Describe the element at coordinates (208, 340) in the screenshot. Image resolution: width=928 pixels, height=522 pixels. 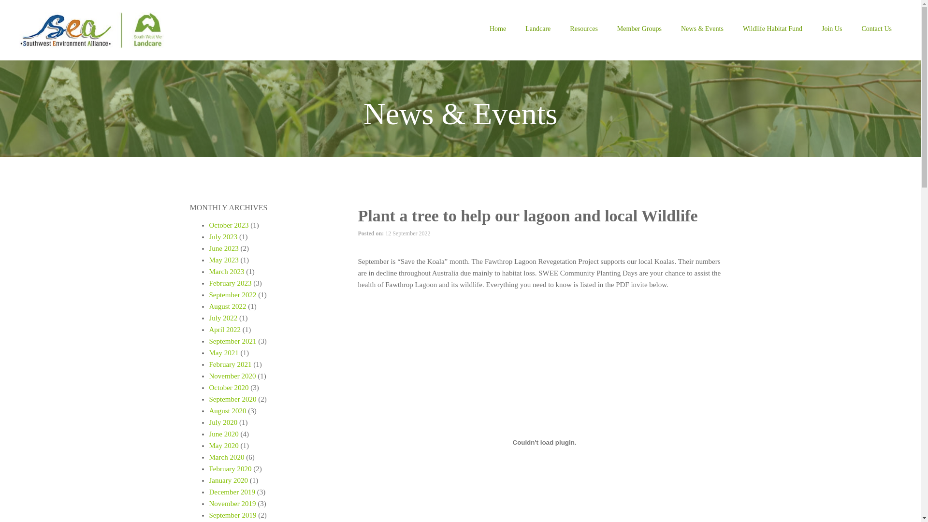
I see `'September 2021'` at that location.